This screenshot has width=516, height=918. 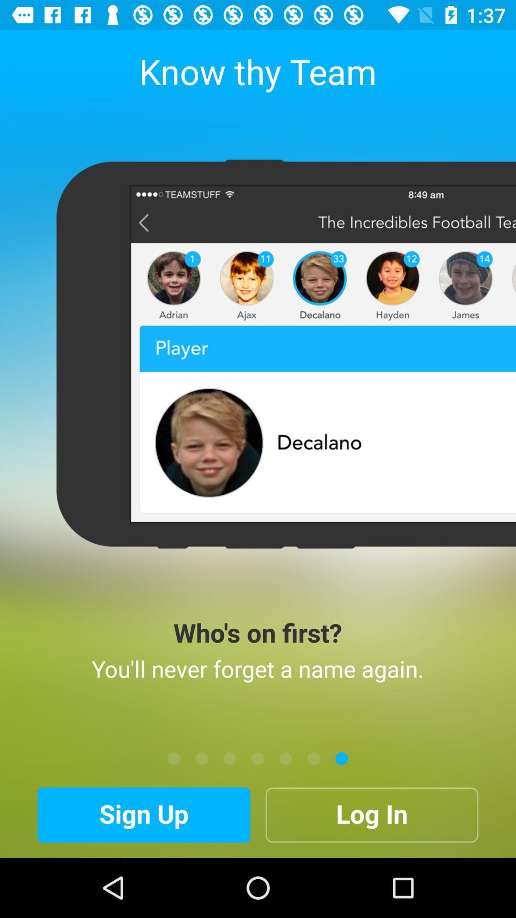 What do you see at coordinates (313, 758) in the screenshot?
I see `the item below the you ll never item` at bounding box center [313, 758].